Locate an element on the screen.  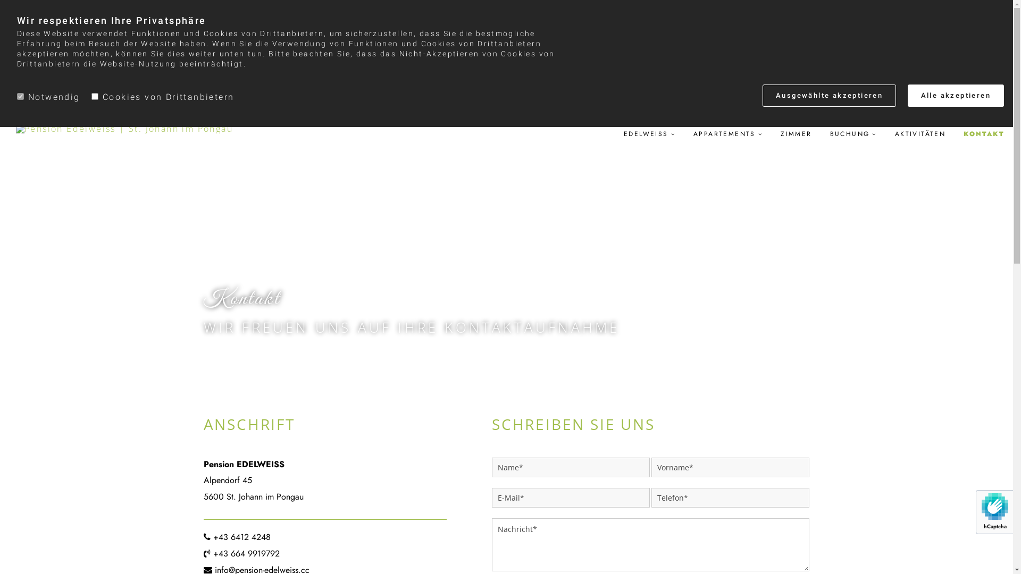
'APPARTEMENTS' is located at coordinates (727, 133).